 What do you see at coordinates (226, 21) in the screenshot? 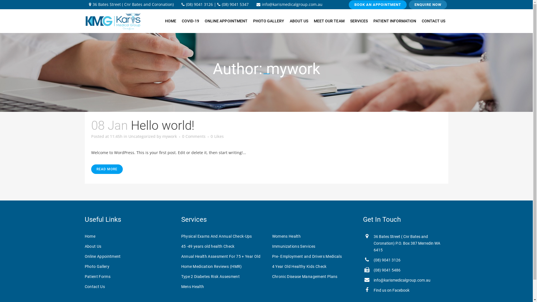
I see `'ONLINE APPOINTMENT'` at bounding box center [226, 21].